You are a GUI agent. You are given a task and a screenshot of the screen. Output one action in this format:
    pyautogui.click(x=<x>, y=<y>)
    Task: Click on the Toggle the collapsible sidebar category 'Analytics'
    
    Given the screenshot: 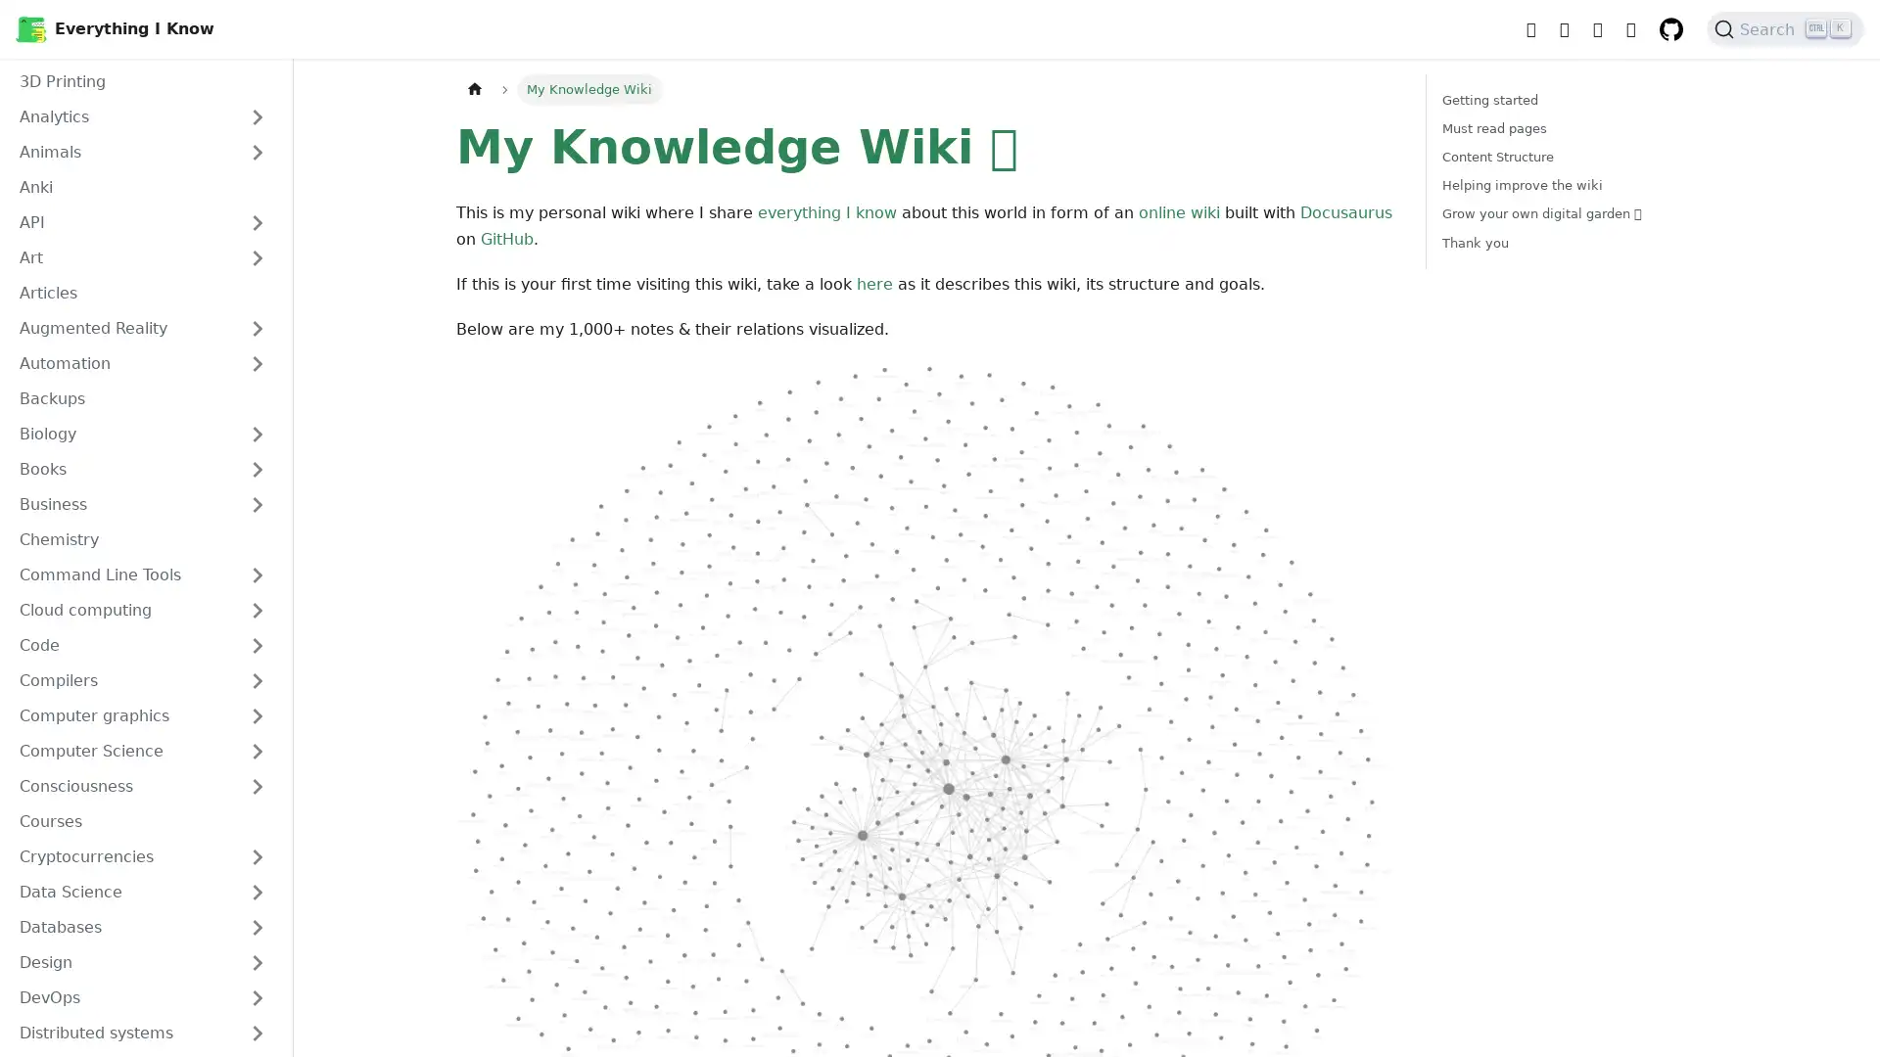 What is the action you would take?
    pyautogui.click(x=257, y=116)
    